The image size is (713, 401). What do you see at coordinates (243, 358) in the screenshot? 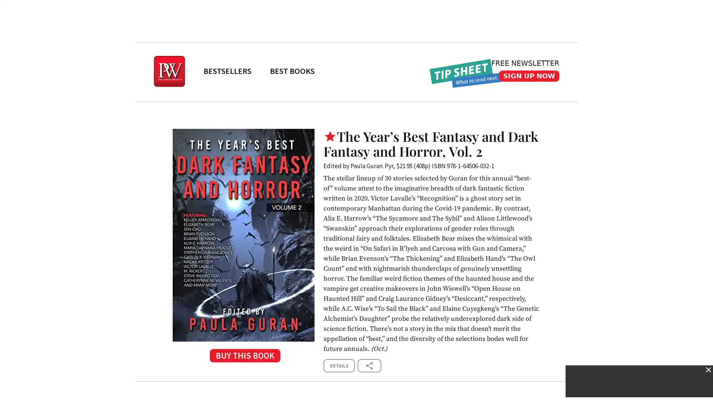
I see `BUY THIS BOOK` at bounding box center [243, 358].